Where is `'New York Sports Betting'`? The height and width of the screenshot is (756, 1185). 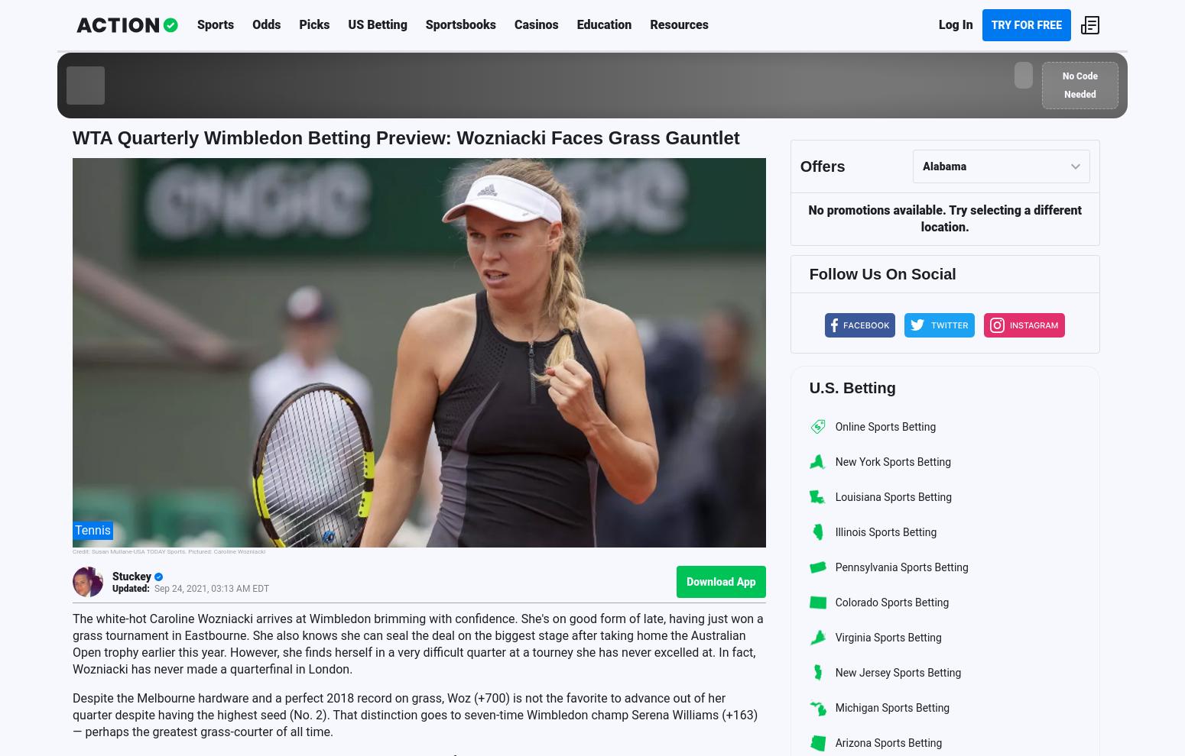 'New York Sports Betting' is located at coordinates (892, 460).